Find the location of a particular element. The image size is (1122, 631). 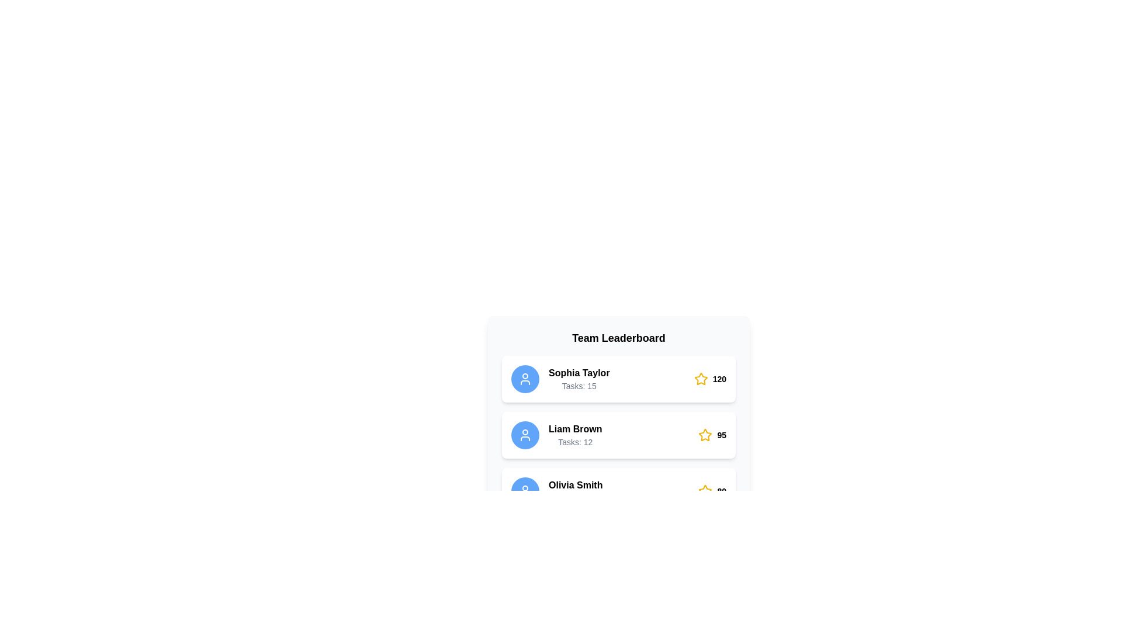

the static text label indicating the number of tasks for the 'Liam Brown' leaderboard entry, located below the name text in the second row is located at coordinates (575, 442).